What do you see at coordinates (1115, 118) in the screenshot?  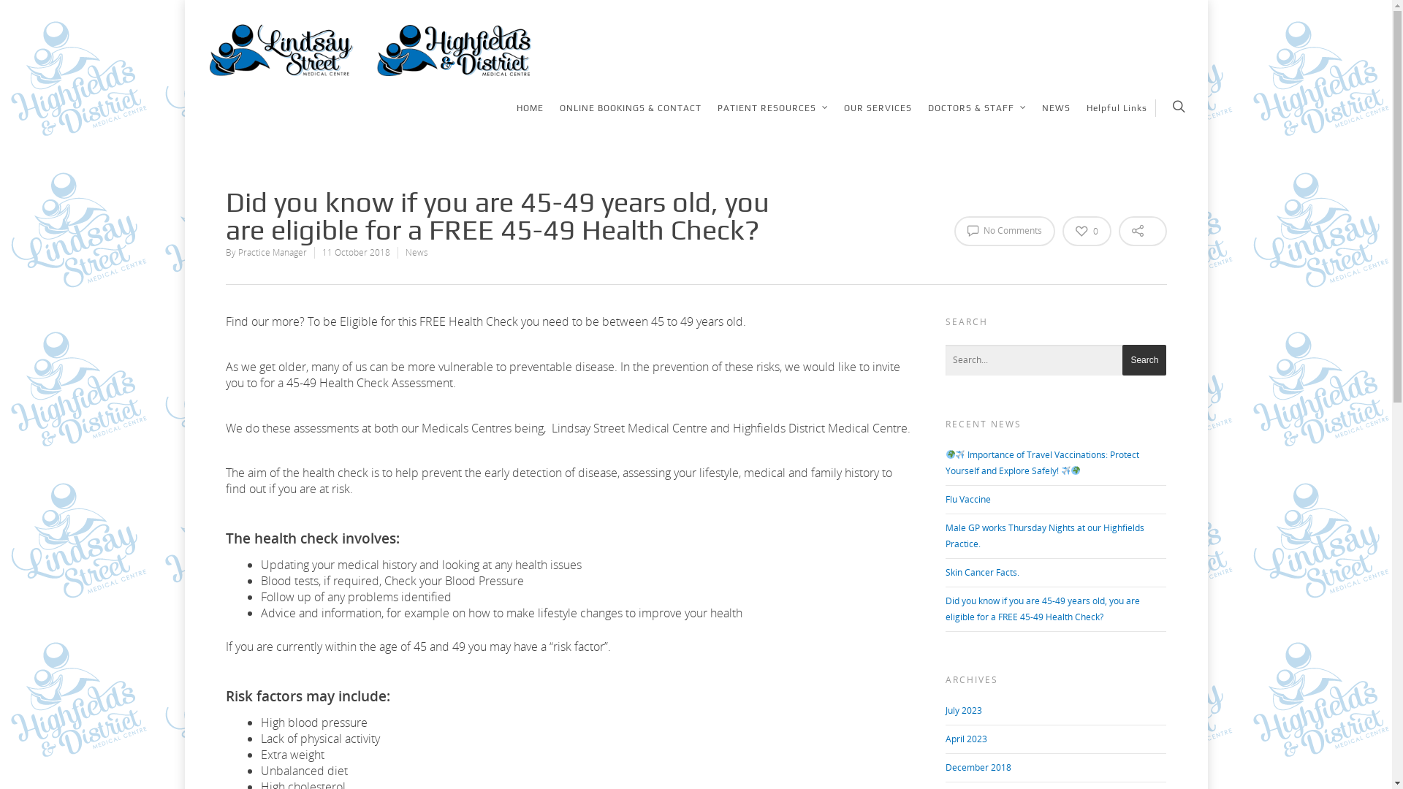 I see `'Helpful Links'` at bounding box center [1115, 118].